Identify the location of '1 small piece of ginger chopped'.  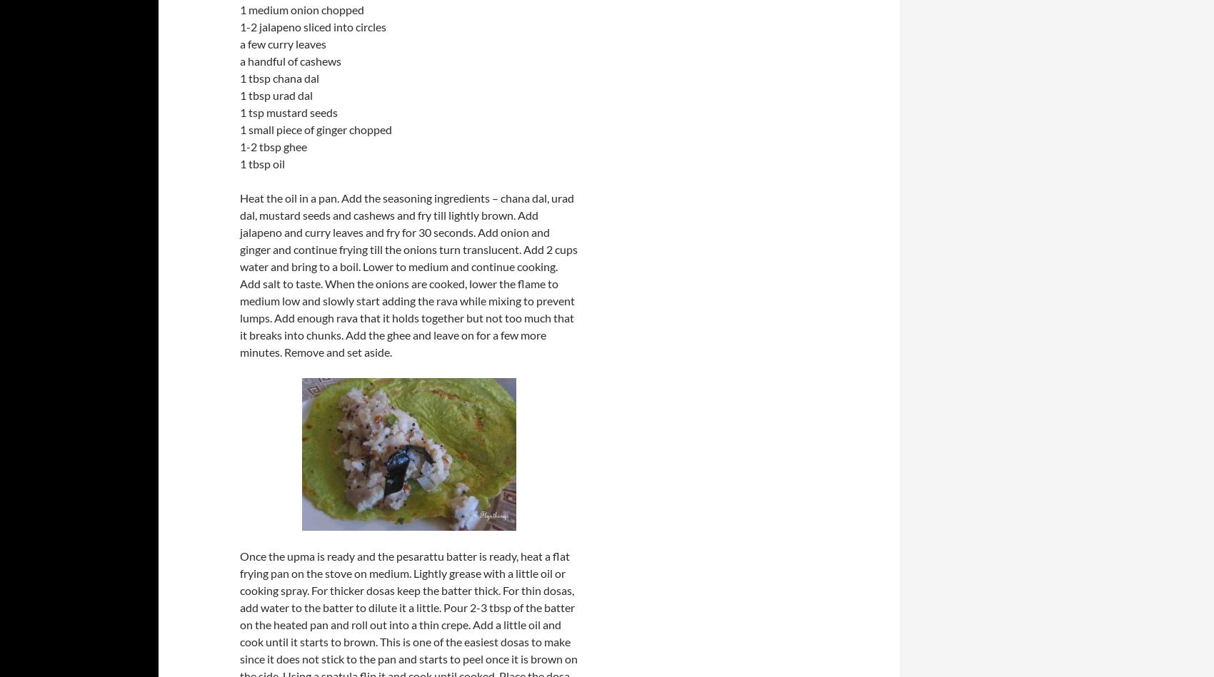
(316, 128).